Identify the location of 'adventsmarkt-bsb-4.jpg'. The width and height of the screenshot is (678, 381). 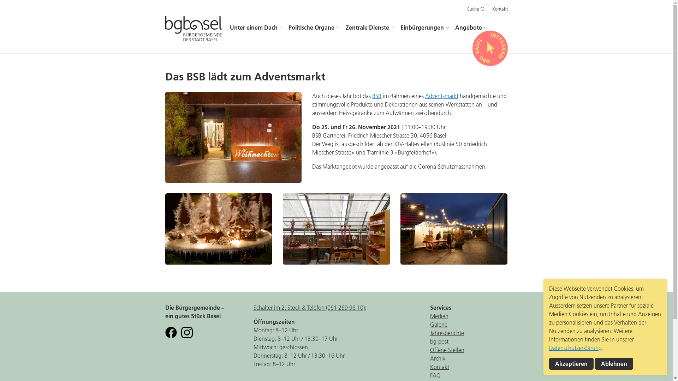
(454, 229).